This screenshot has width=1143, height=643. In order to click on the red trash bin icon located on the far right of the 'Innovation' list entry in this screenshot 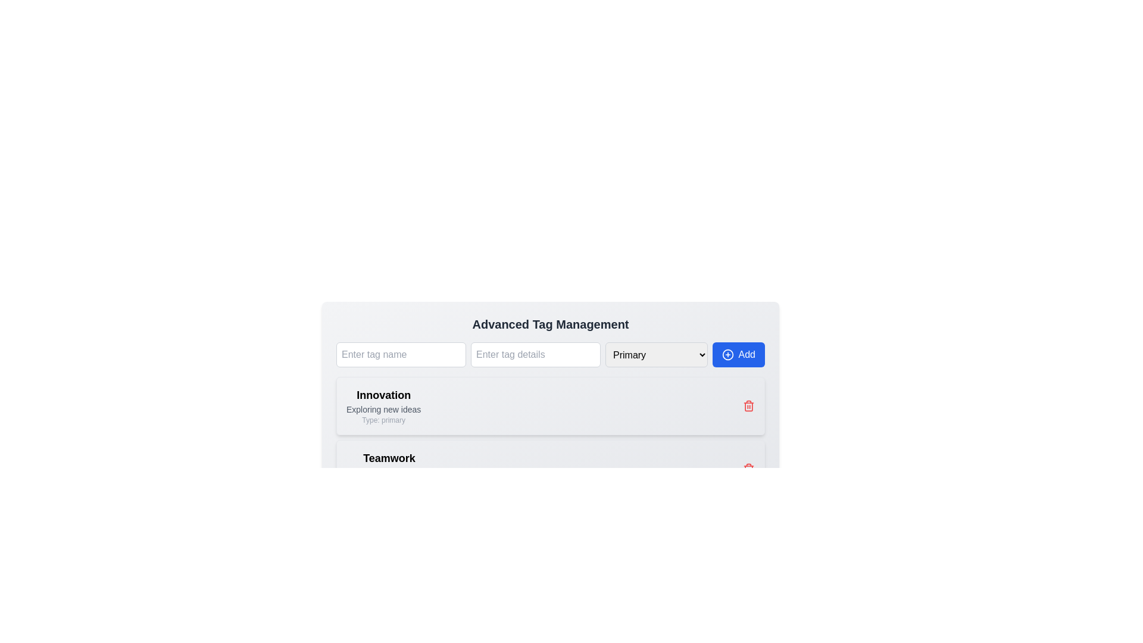, I will do `click(748, 405)`.